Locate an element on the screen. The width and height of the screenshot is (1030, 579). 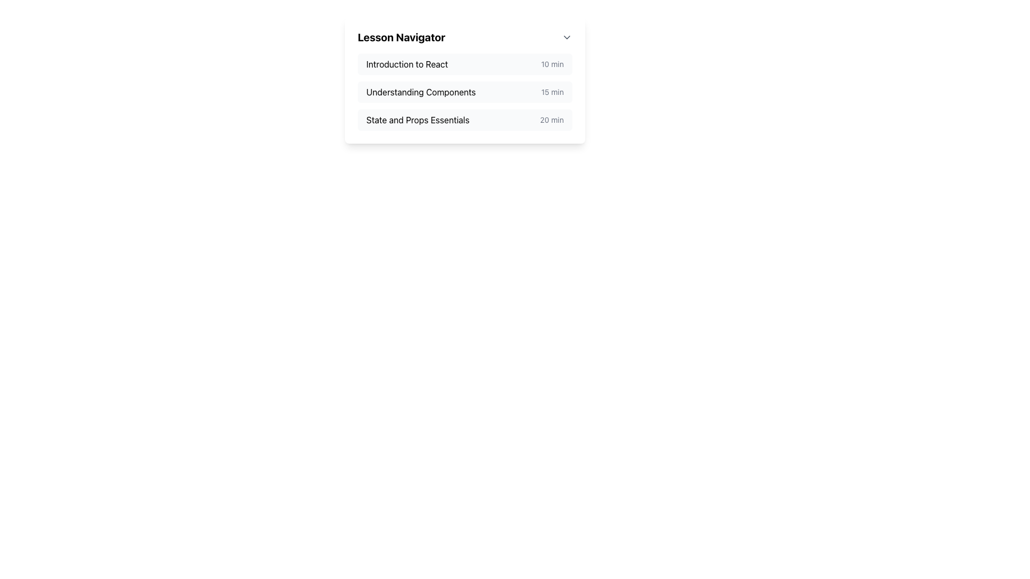
text content of the list component titled 'Lesson Navigator', which contains items like 'Introduction to React', 'Understanding Components', and 'State and Props Essentials' is located at coordinates (465, 92).